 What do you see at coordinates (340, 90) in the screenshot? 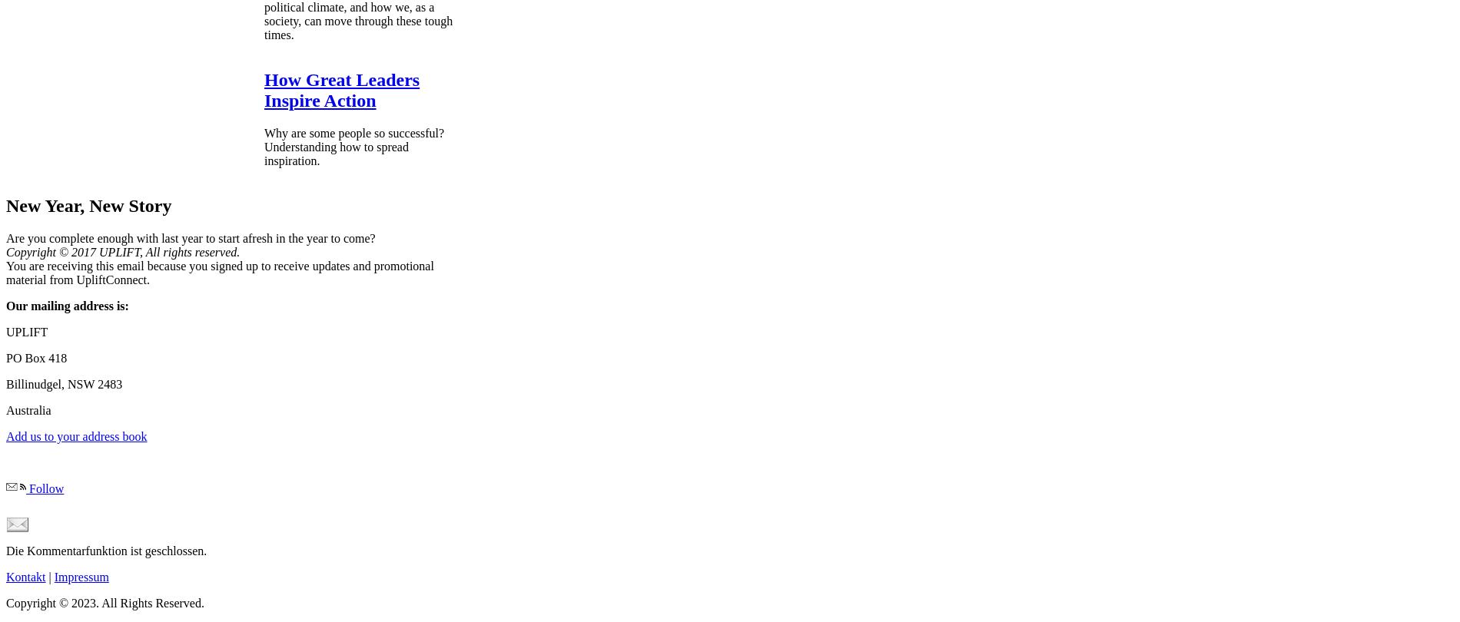
I see `'How Great Leaders Inspire Action'` at bounding box center [340, 90].